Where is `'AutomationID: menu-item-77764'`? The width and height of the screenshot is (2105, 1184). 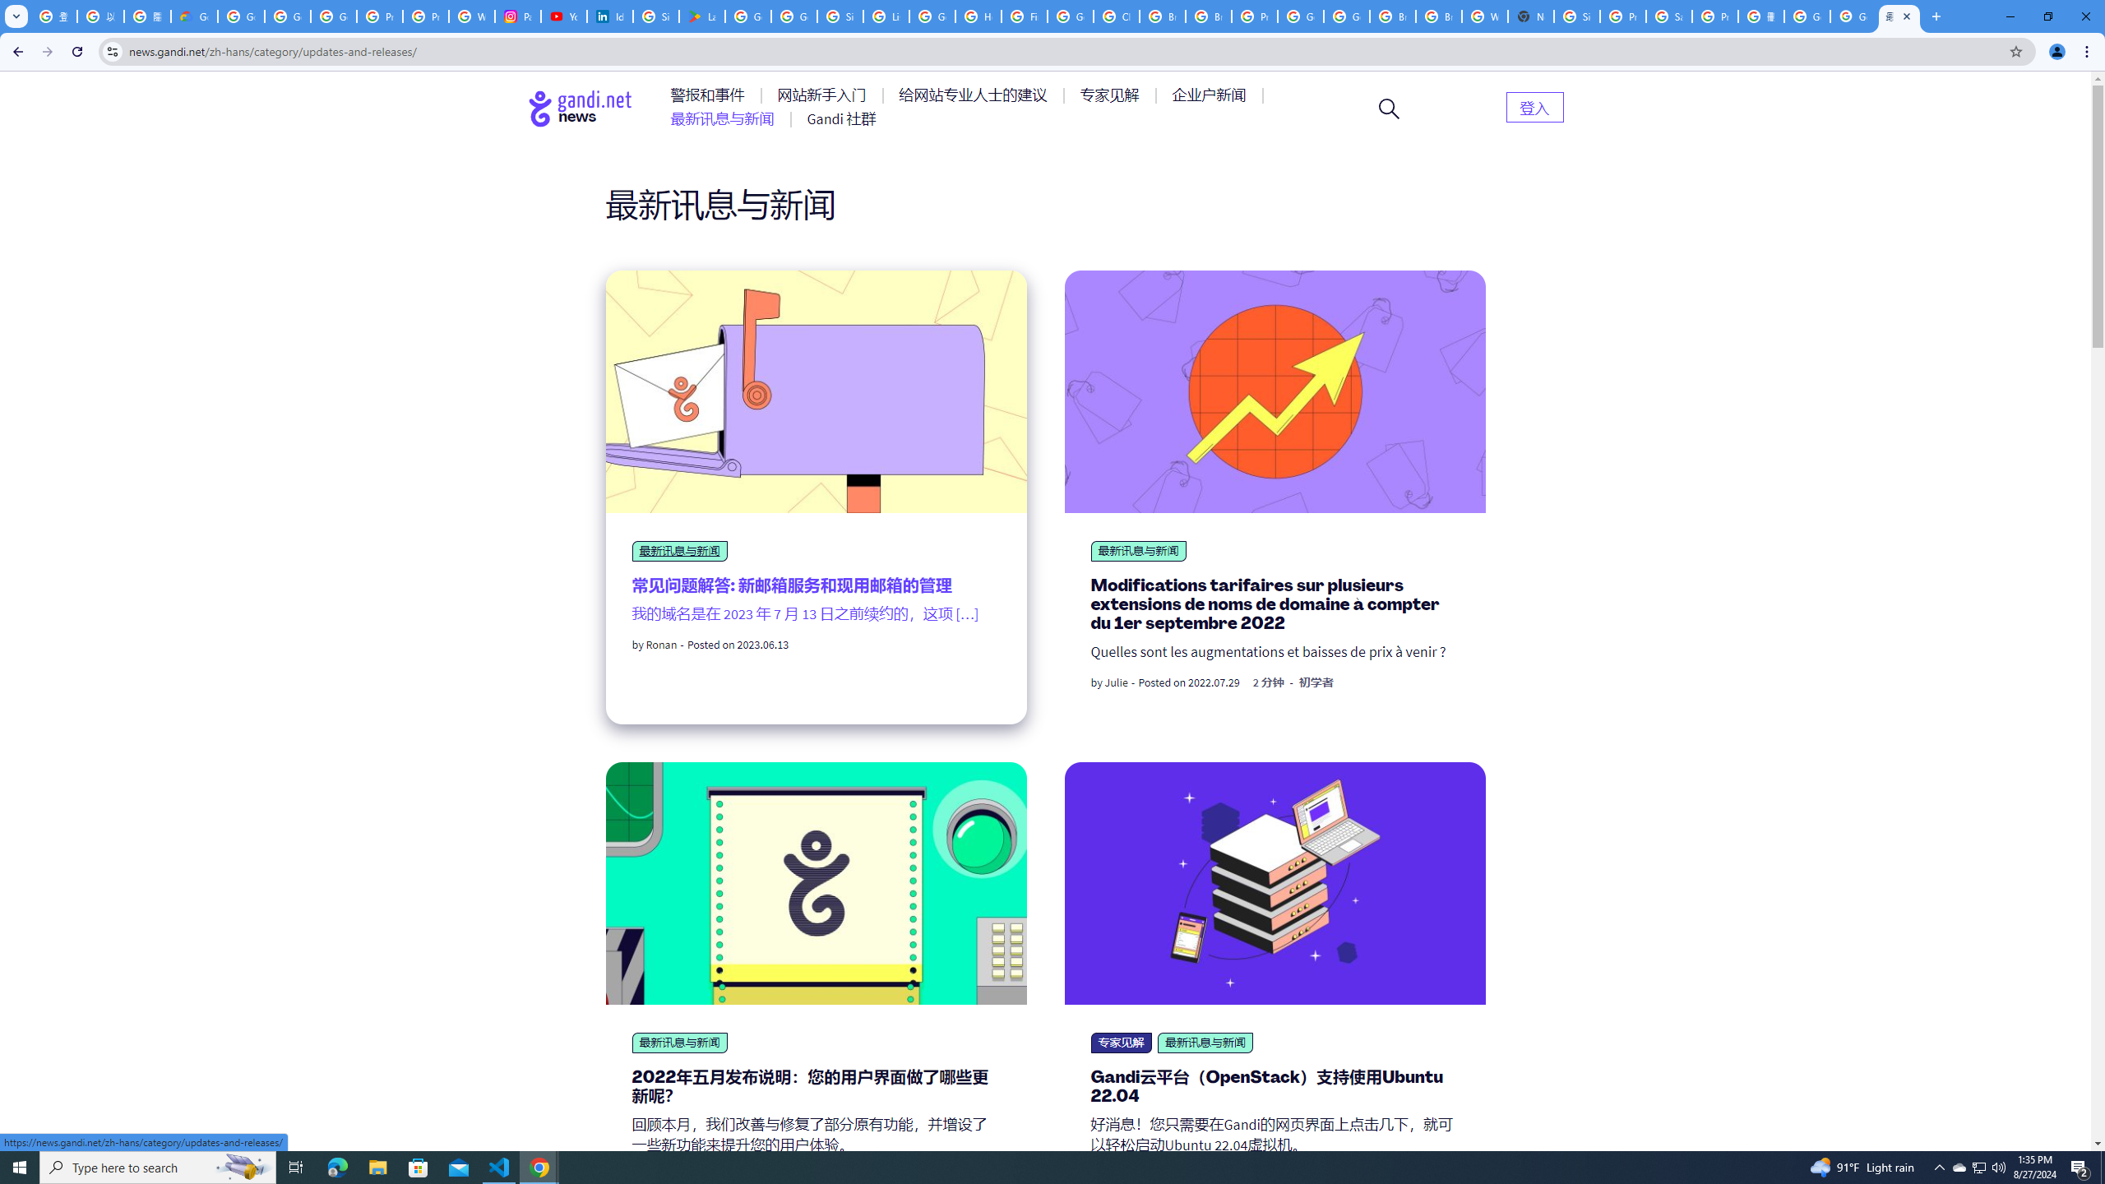 'AutomationID: menu-item-77764' is located at coordinates (1112, 94).